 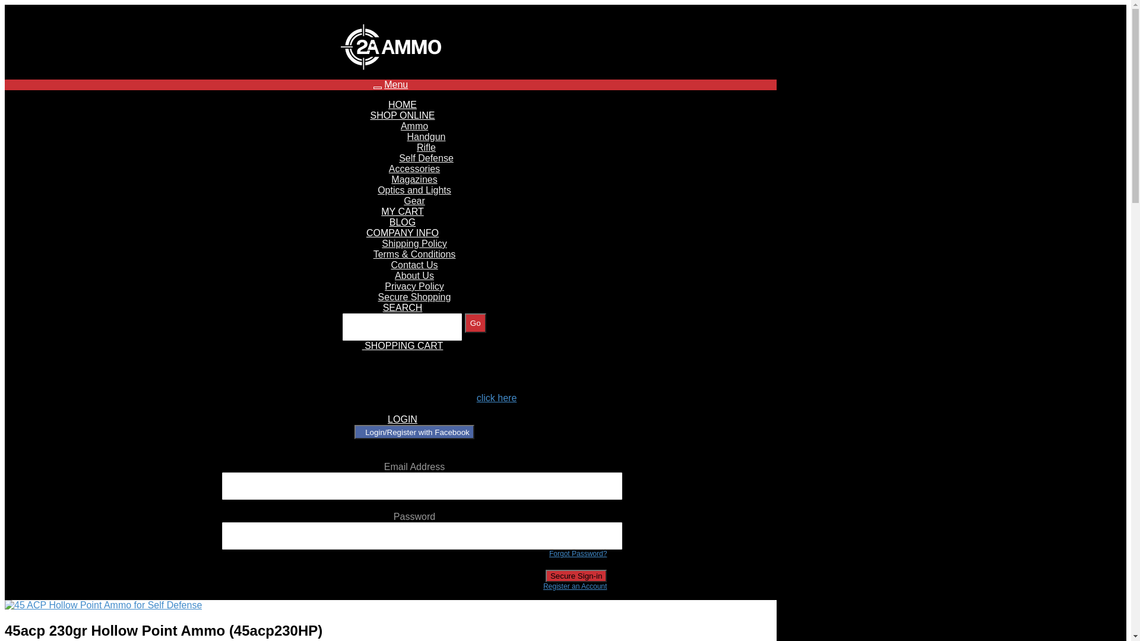 I want to click on 'Magazines', so click(x=391, y=179).